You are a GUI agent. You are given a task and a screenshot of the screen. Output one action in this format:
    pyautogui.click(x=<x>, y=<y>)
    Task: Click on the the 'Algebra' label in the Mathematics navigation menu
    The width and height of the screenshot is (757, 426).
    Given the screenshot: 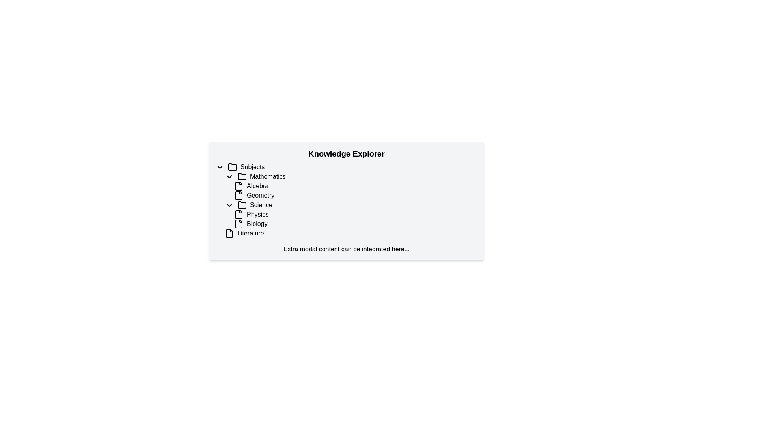 What is the action you would take?
    pyautogui.click(x=257, y=186)
    